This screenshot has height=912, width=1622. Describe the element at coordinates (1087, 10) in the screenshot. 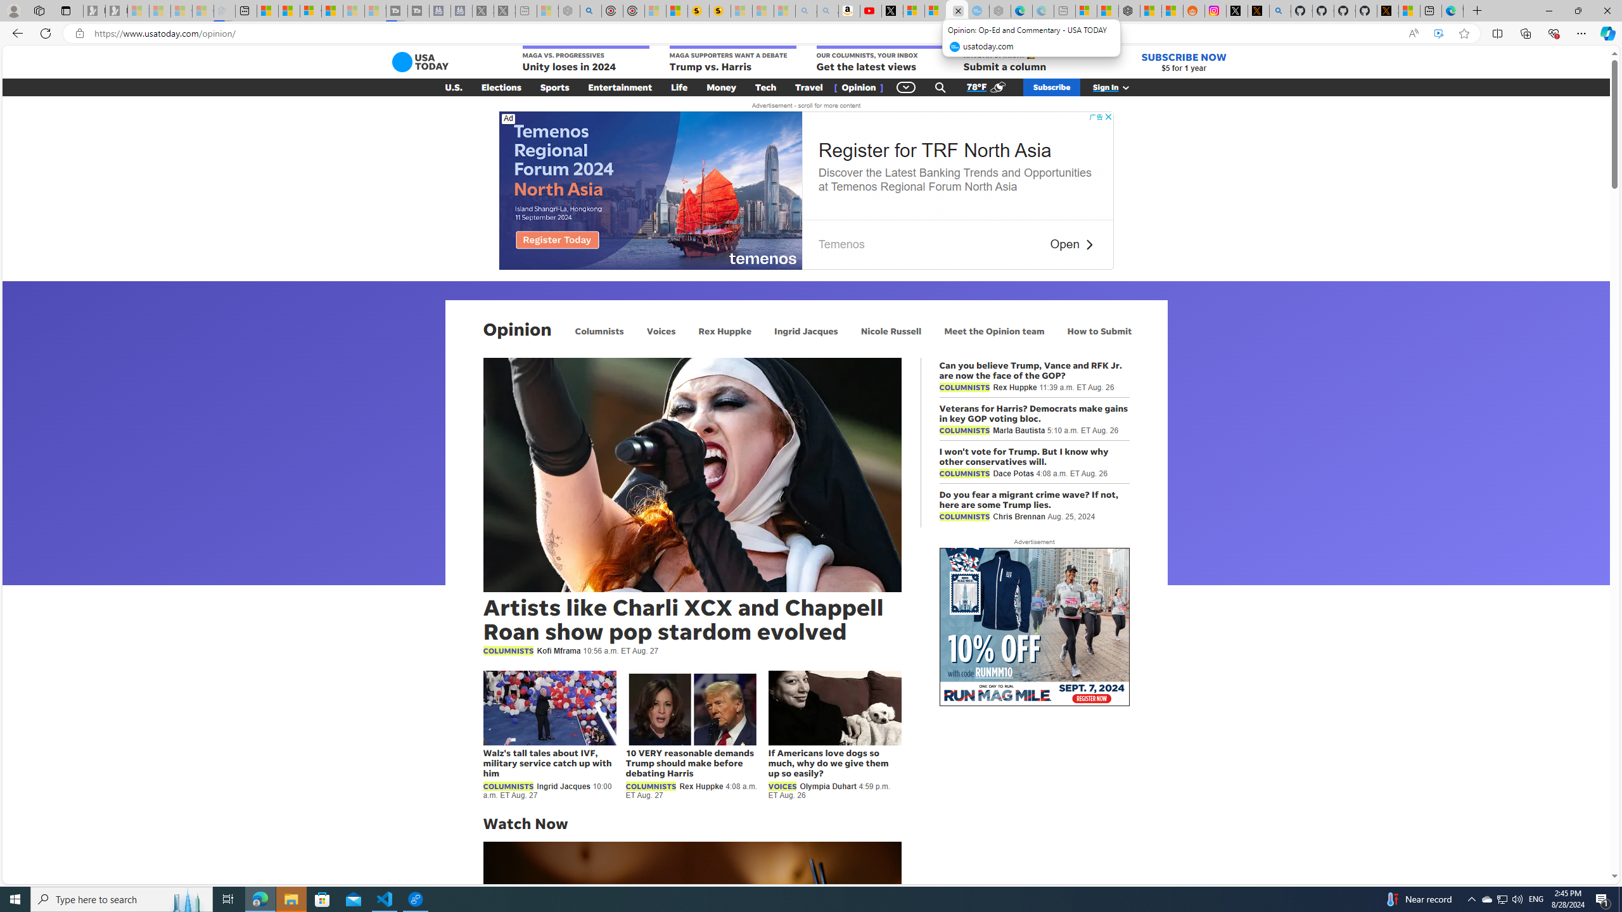

I see `'Microsoft account | Microsoft Account Privacy Settings'` at that location.